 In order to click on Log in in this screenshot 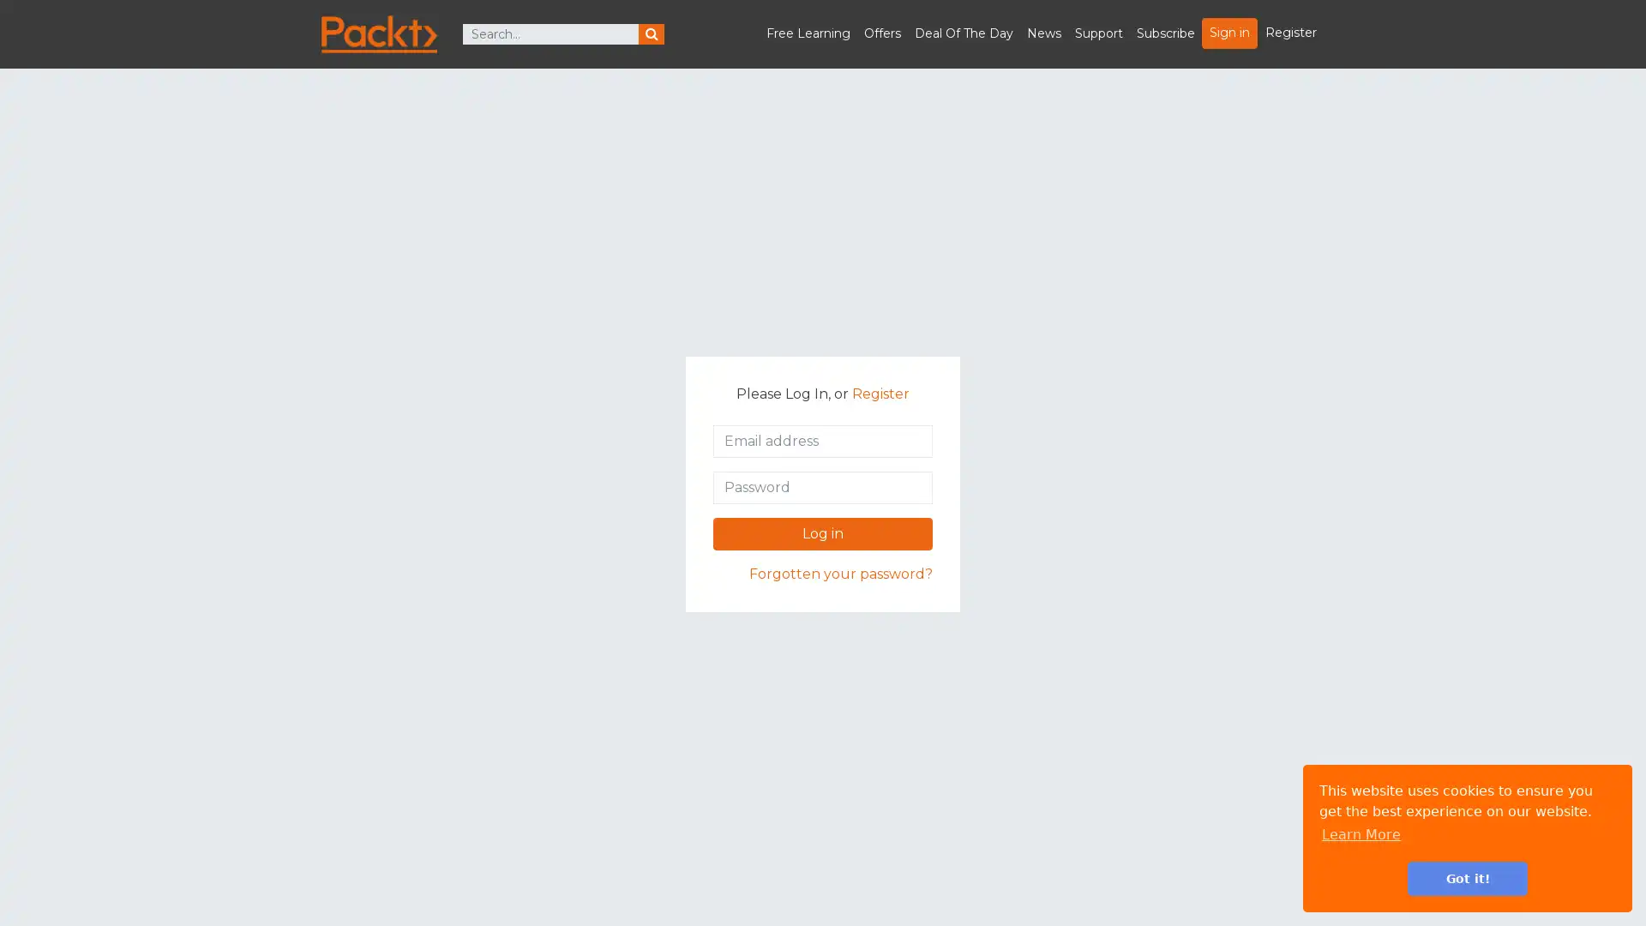, I will do `click(823, 533)`.